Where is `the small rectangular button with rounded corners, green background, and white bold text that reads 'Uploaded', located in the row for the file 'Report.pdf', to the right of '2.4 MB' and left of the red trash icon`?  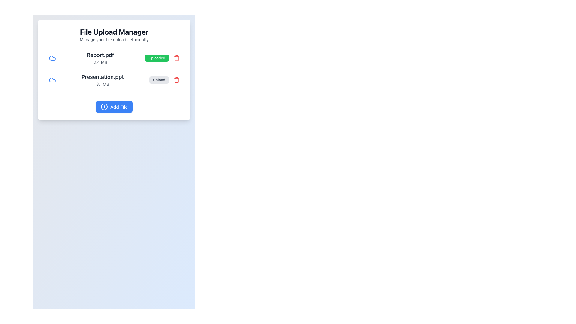 the small rectangular button with rounded corners, green background, and white bold text that reads 'Uploaded', located in the row for the file 'Report.pdf', to the right of '2.4 MB' and left of the red trash icon is located at coordinates (157, 58).